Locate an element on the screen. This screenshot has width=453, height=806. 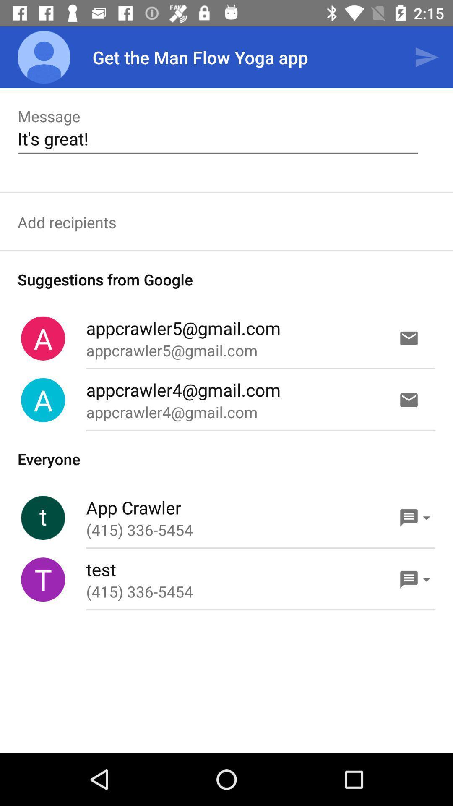
item below the message icon is located at coordinates (217, 139).